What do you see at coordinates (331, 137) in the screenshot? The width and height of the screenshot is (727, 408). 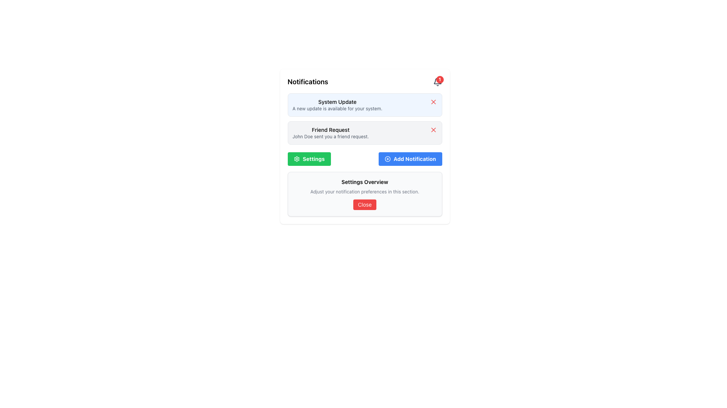 I see `the Text Display that informs the user about a friend request sent by 'John Doe', located below the heading 'Friend Request'` at bounding box center [331, 137].